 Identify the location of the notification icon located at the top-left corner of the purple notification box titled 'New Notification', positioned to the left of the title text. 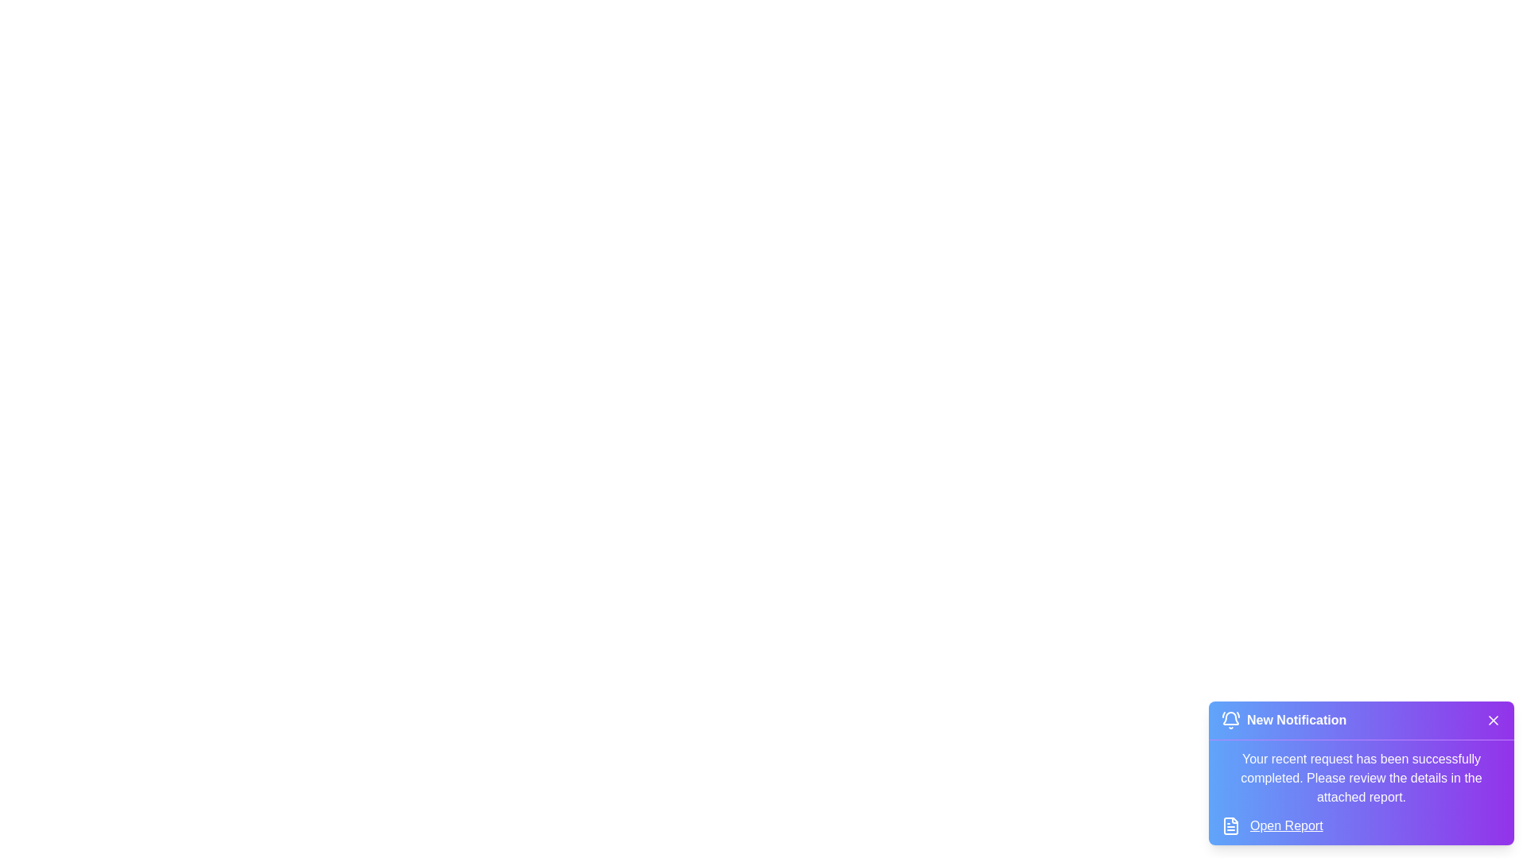
(1230, 720).